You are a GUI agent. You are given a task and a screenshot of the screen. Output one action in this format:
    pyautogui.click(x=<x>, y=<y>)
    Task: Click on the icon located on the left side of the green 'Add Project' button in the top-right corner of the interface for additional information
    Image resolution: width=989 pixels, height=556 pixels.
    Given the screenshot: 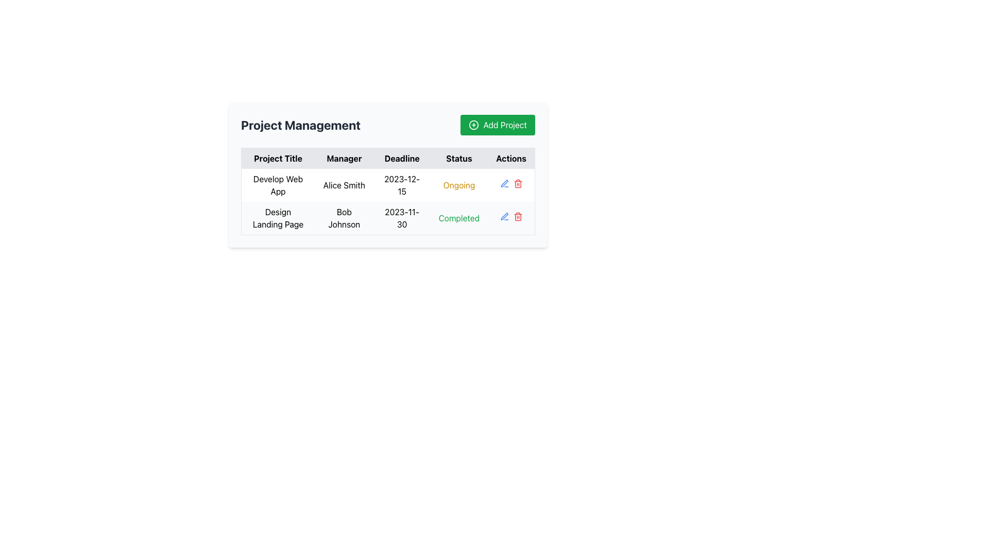 What is the action you would take?
    pyautogui.click(x=473, y=125)
    